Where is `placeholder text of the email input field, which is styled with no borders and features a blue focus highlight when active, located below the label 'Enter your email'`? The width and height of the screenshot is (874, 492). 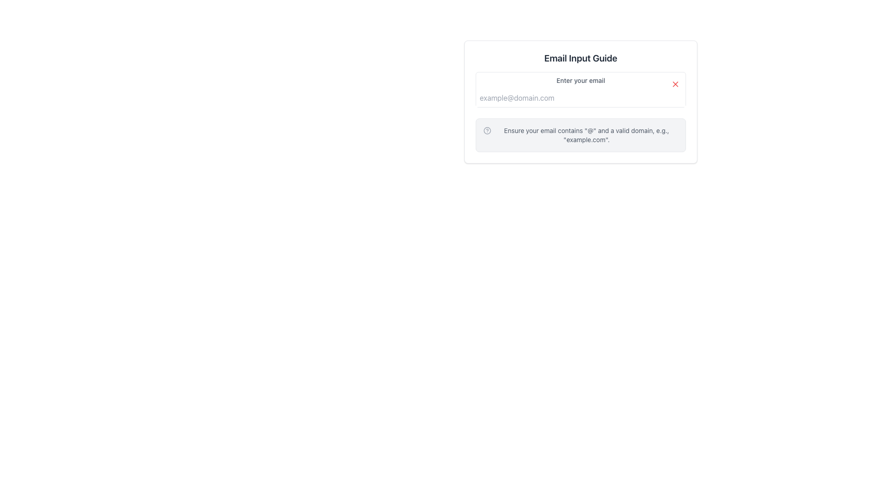 placeholder text of the email input field, which is styled with no borders and features a blue focus highlight when active, located below the label 'Enter your email' is located at coordinates (580, 98).